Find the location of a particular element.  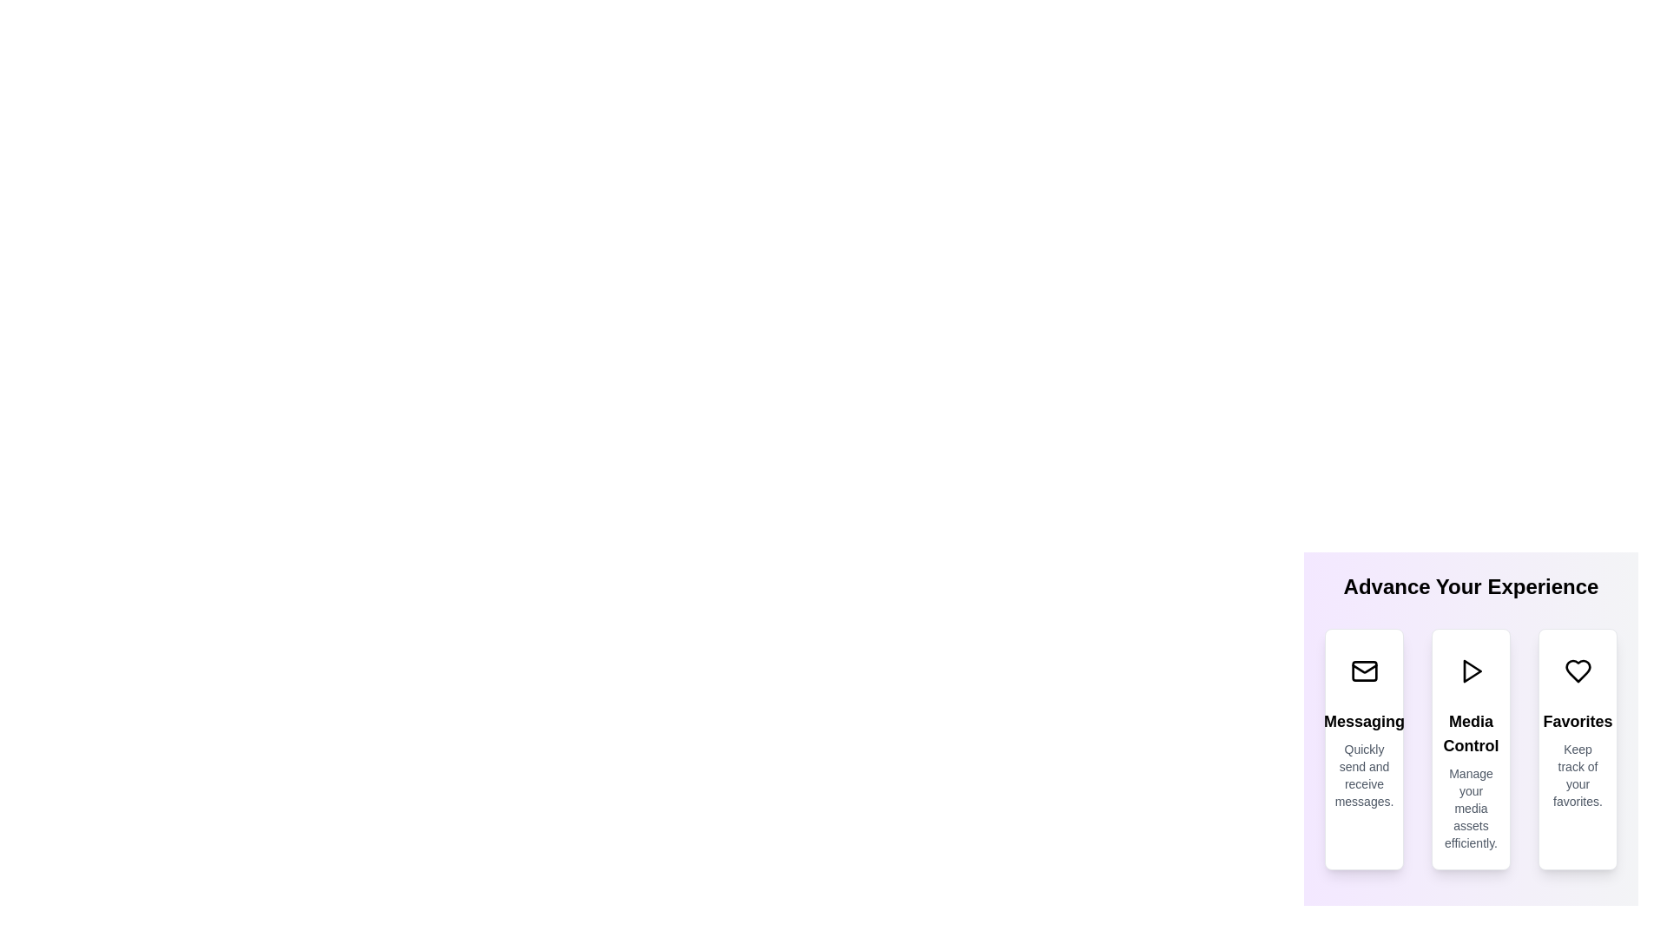

the circular icon button featuring a heart symbol, which is styled with a black outline on a light blue background and located above the text 'Favorites' and 'Keep track of your favorites.' is located at coordinates (1578, 670).